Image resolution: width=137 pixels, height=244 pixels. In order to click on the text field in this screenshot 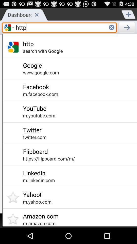, I will do `click(7, 27)`.